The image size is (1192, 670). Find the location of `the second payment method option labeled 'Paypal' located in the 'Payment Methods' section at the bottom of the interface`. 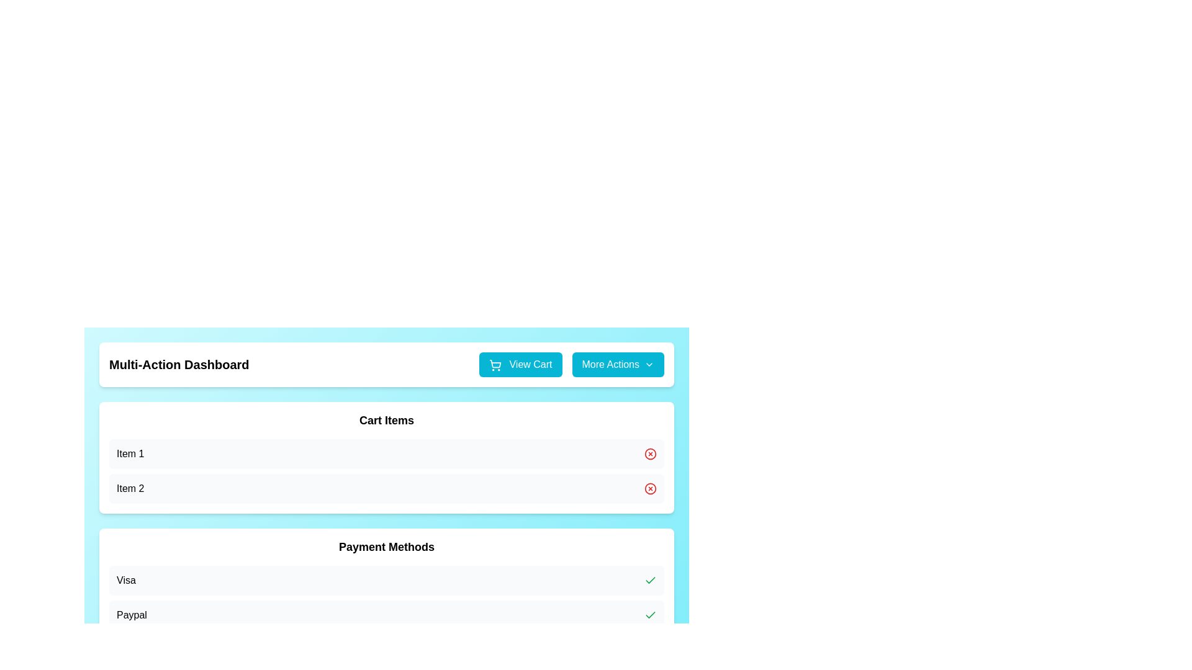

the second payment method option labeled 'Paypal' located in the 'Payment Methods' section at the bottom of the interface is located at coordinates (386, 597).